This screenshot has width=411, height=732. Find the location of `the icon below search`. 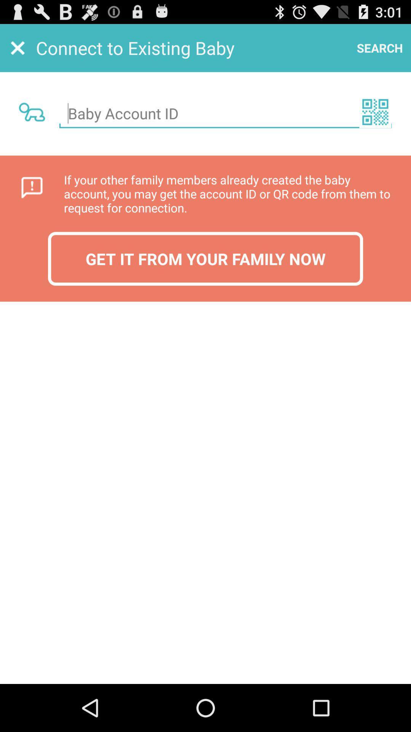

the icon below search is located at coordinates (375, 111).